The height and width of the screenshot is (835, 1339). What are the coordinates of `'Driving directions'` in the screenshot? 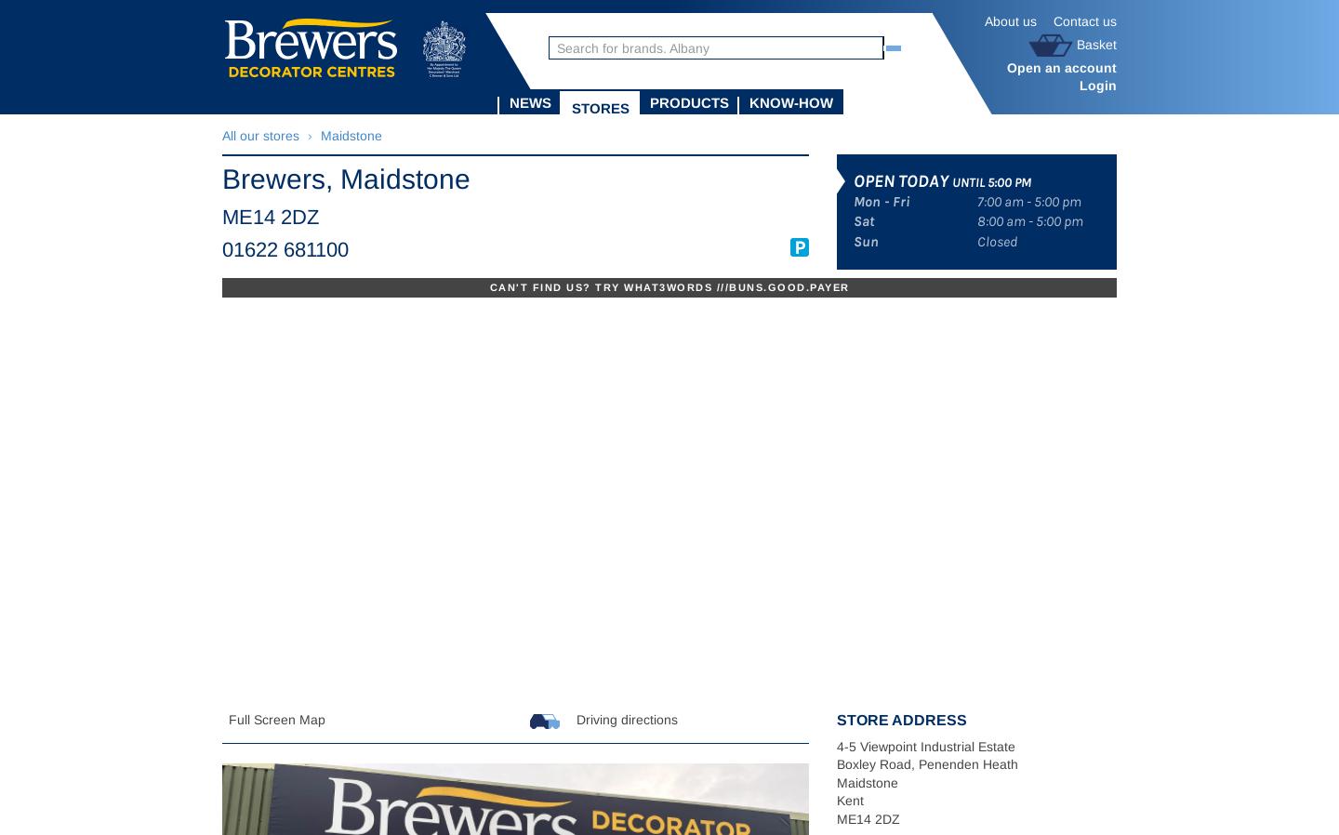 It's located at (571, 719).